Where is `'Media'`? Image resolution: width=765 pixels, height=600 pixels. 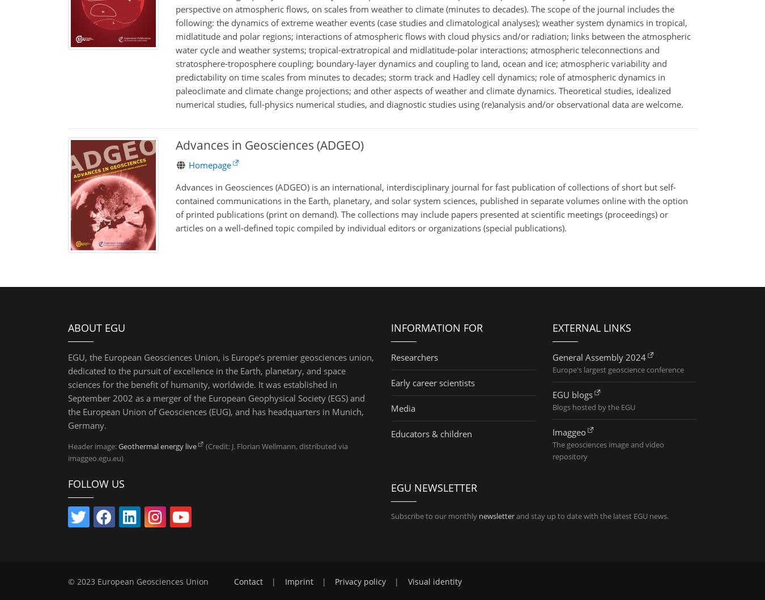 'Media' is located at coordinates (390, 408).